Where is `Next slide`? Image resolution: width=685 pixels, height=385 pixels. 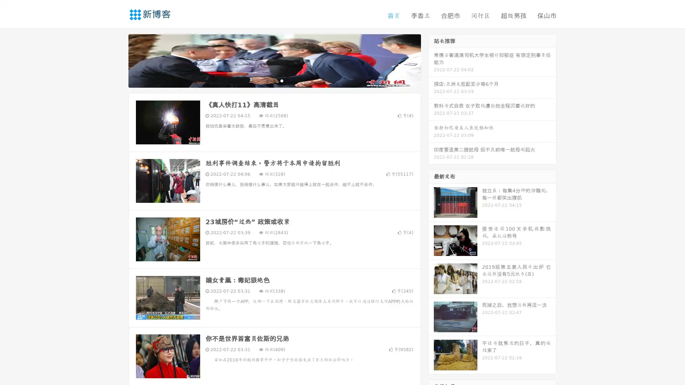 Next slide is located at coordinates (431, 60).